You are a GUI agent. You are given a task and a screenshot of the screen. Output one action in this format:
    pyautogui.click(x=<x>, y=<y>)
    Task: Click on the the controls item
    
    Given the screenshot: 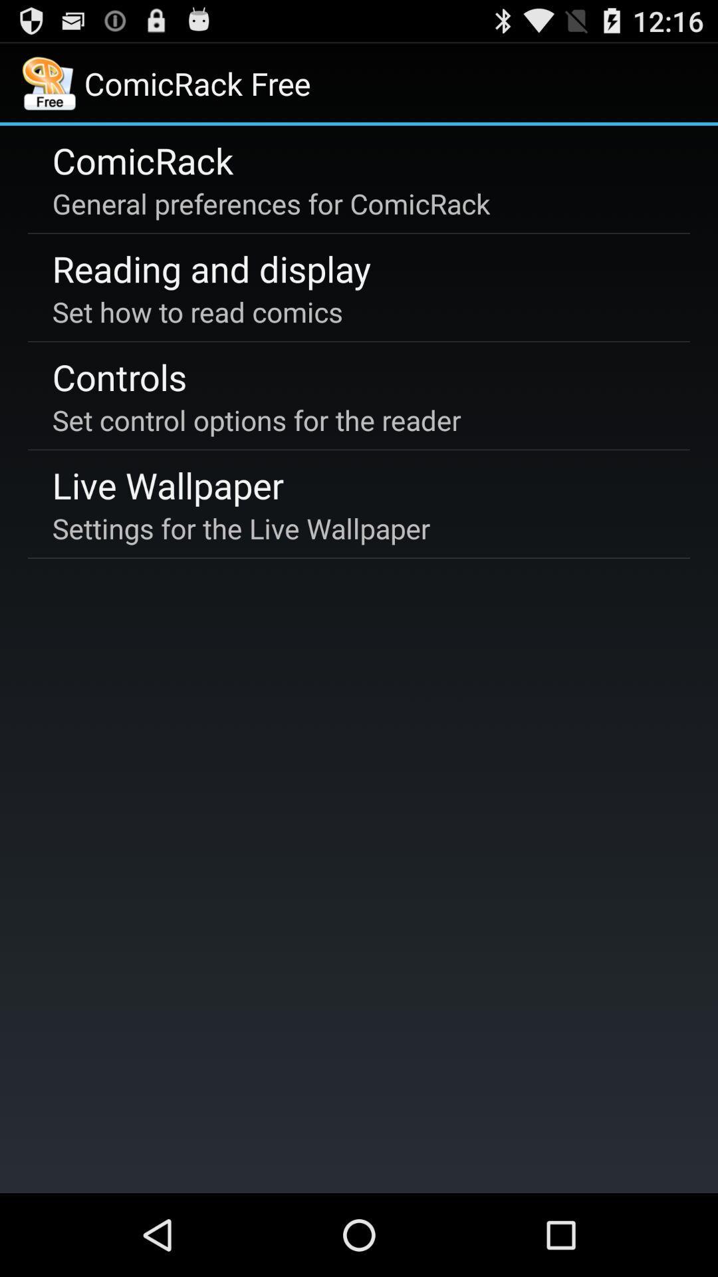 What is the action you would take?
    pyautogui.click(x=120, y=376)
    